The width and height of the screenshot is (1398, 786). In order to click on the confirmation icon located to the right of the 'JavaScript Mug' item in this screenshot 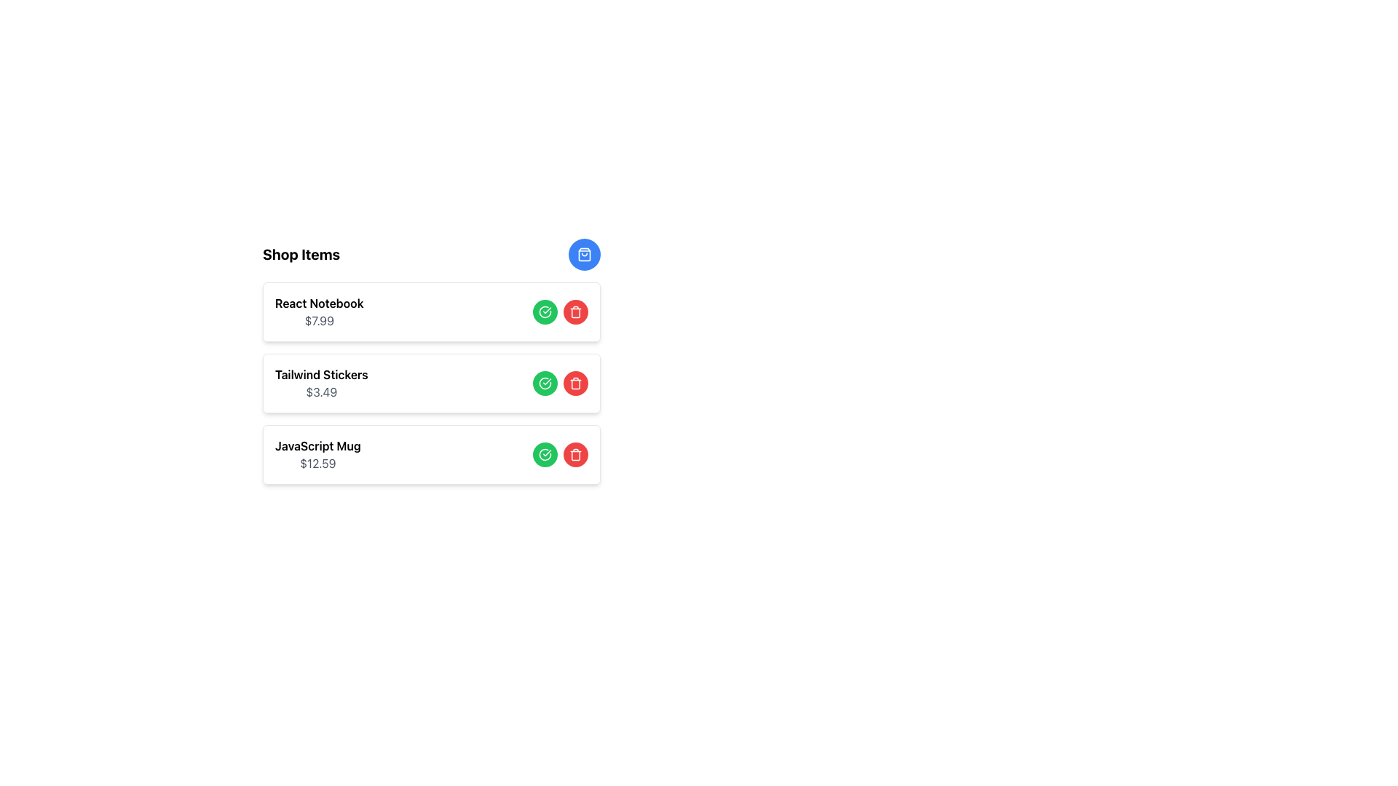, I will do `click(544, 453)`.